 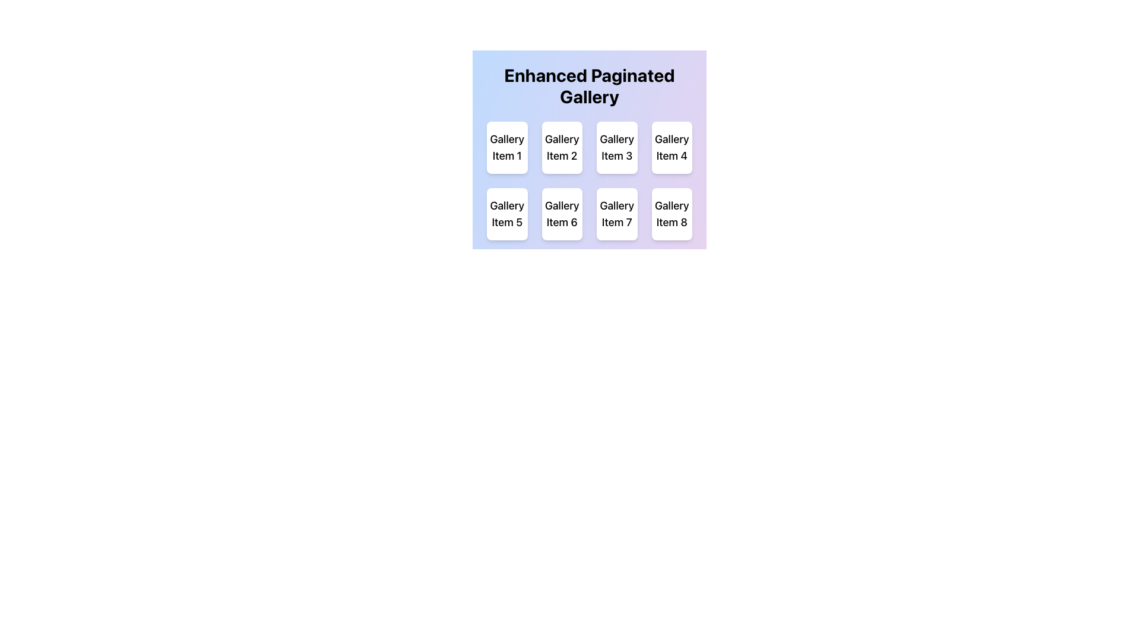 I want to click on the text label displaying 'Gallery Item 8' for interaction effects, which is located in the bottom-right corner of a grid layout, so click(x=672, y=214).